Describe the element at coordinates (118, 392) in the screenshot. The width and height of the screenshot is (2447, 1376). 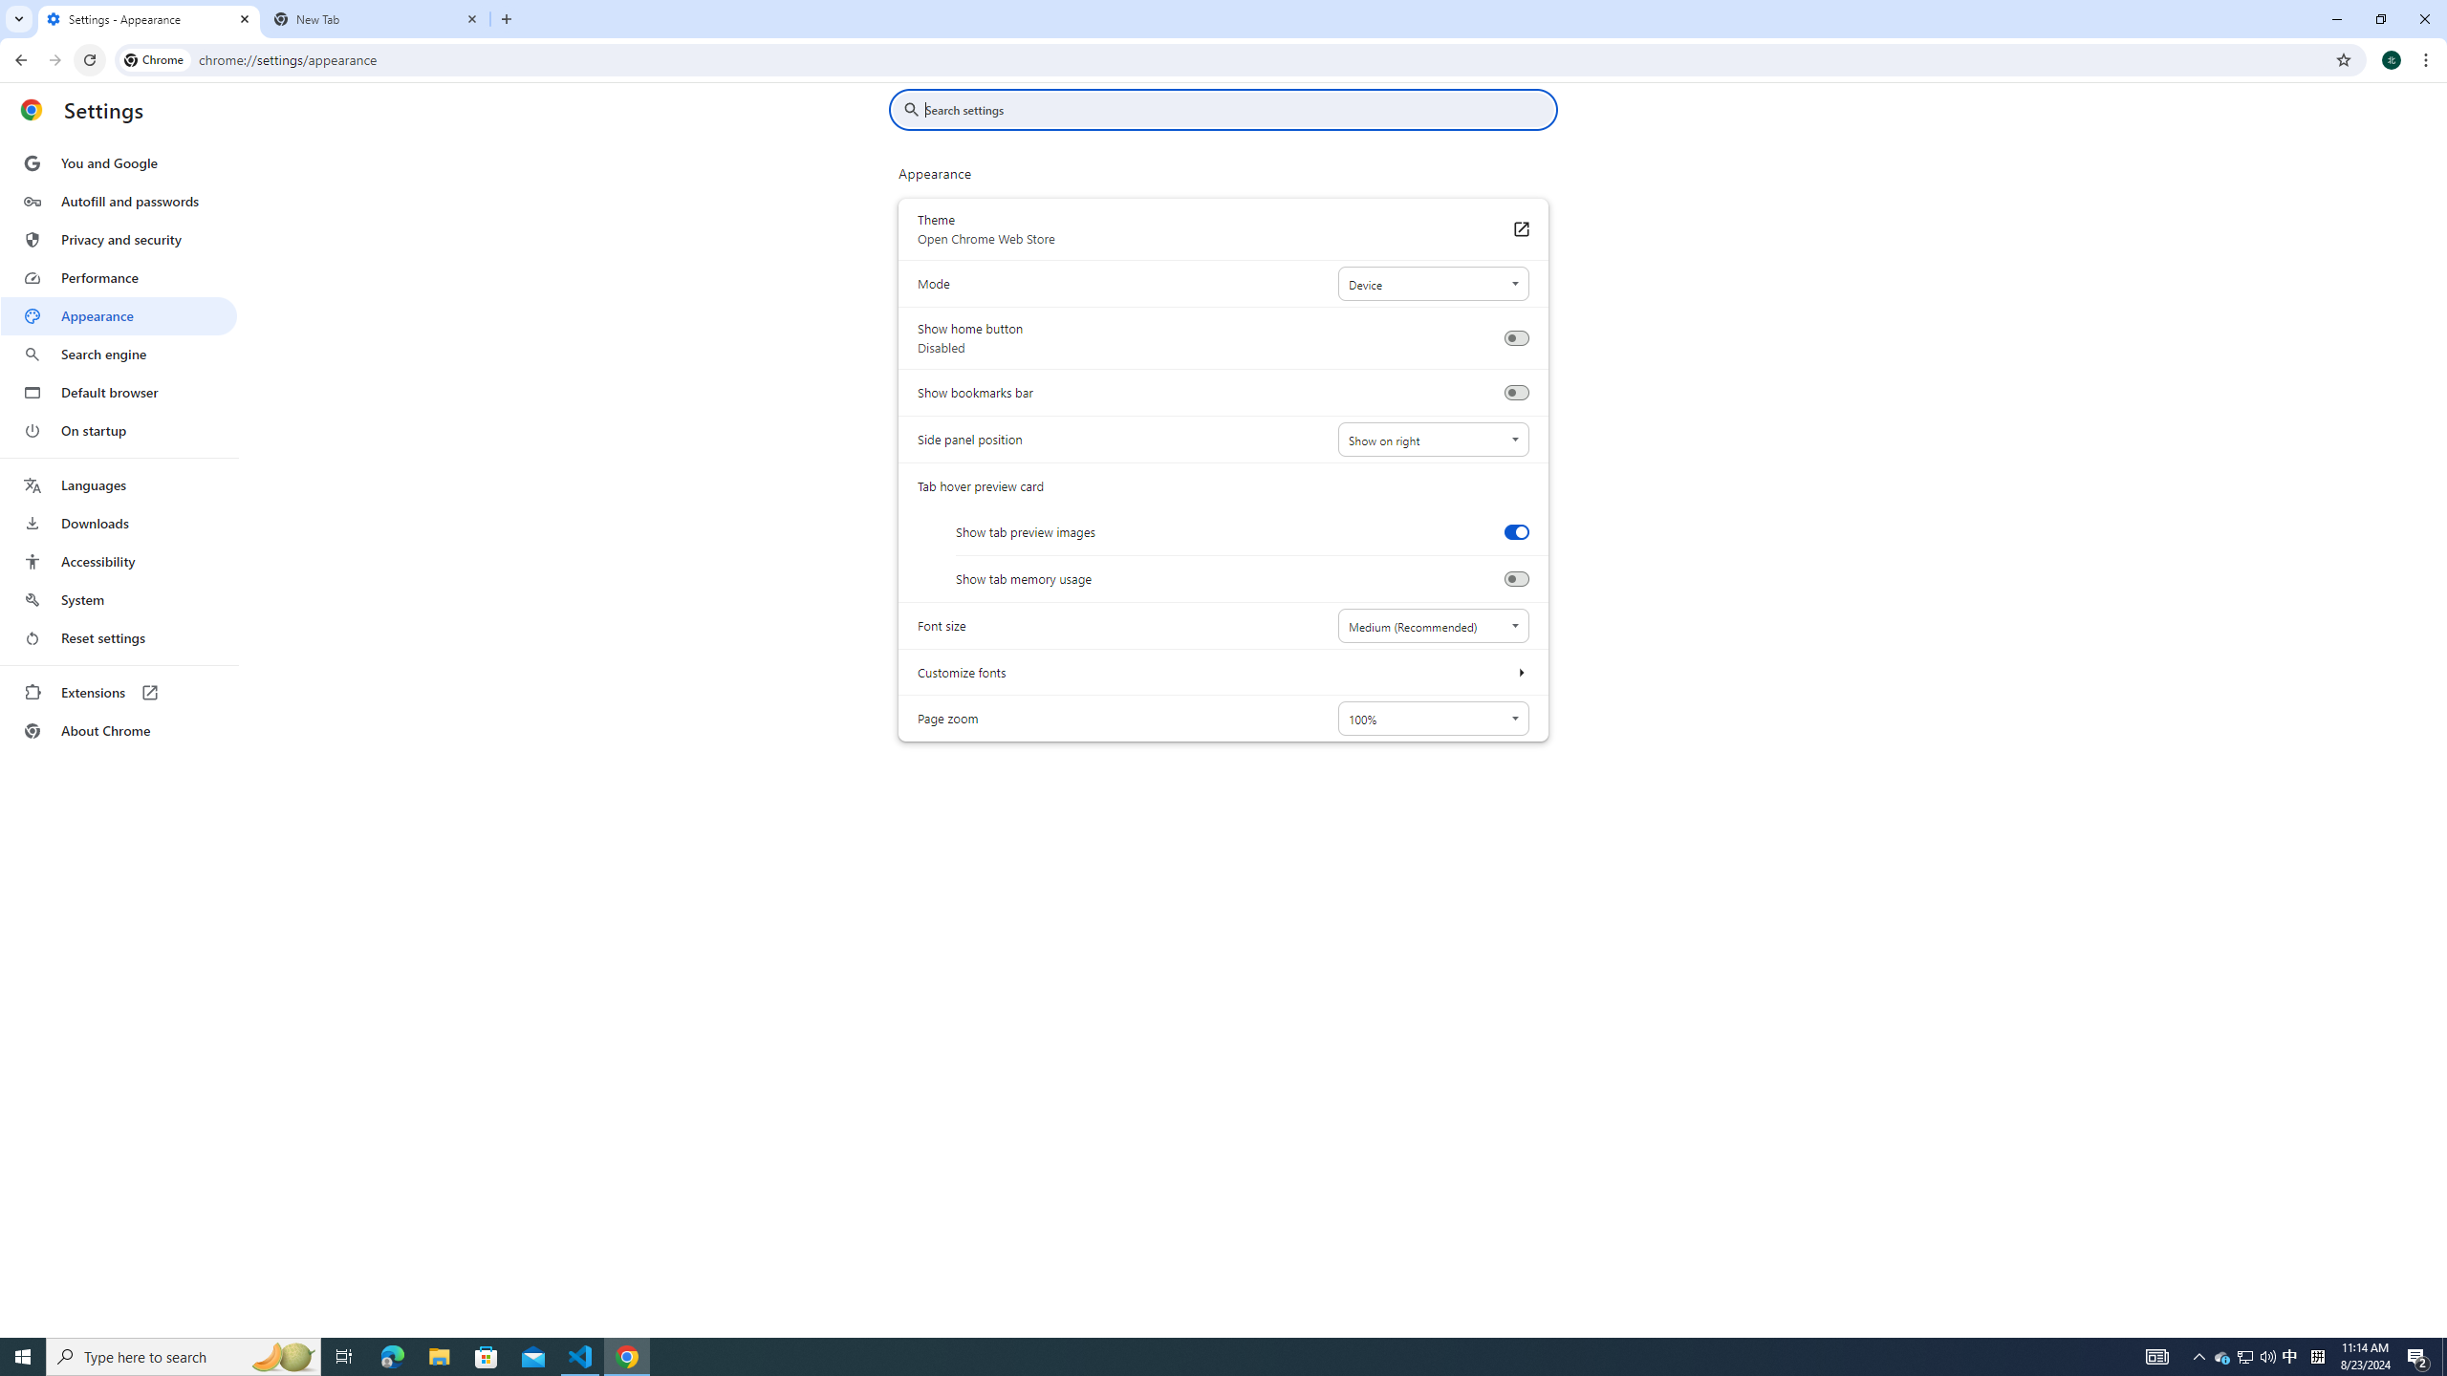
I see `'Default browser'` at that location.